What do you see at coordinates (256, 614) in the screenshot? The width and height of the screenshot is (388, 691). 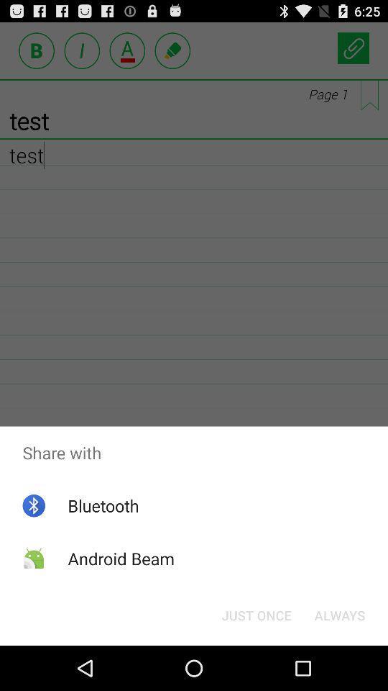 I see `the button at the bottom` at bounding box center [256, 614].